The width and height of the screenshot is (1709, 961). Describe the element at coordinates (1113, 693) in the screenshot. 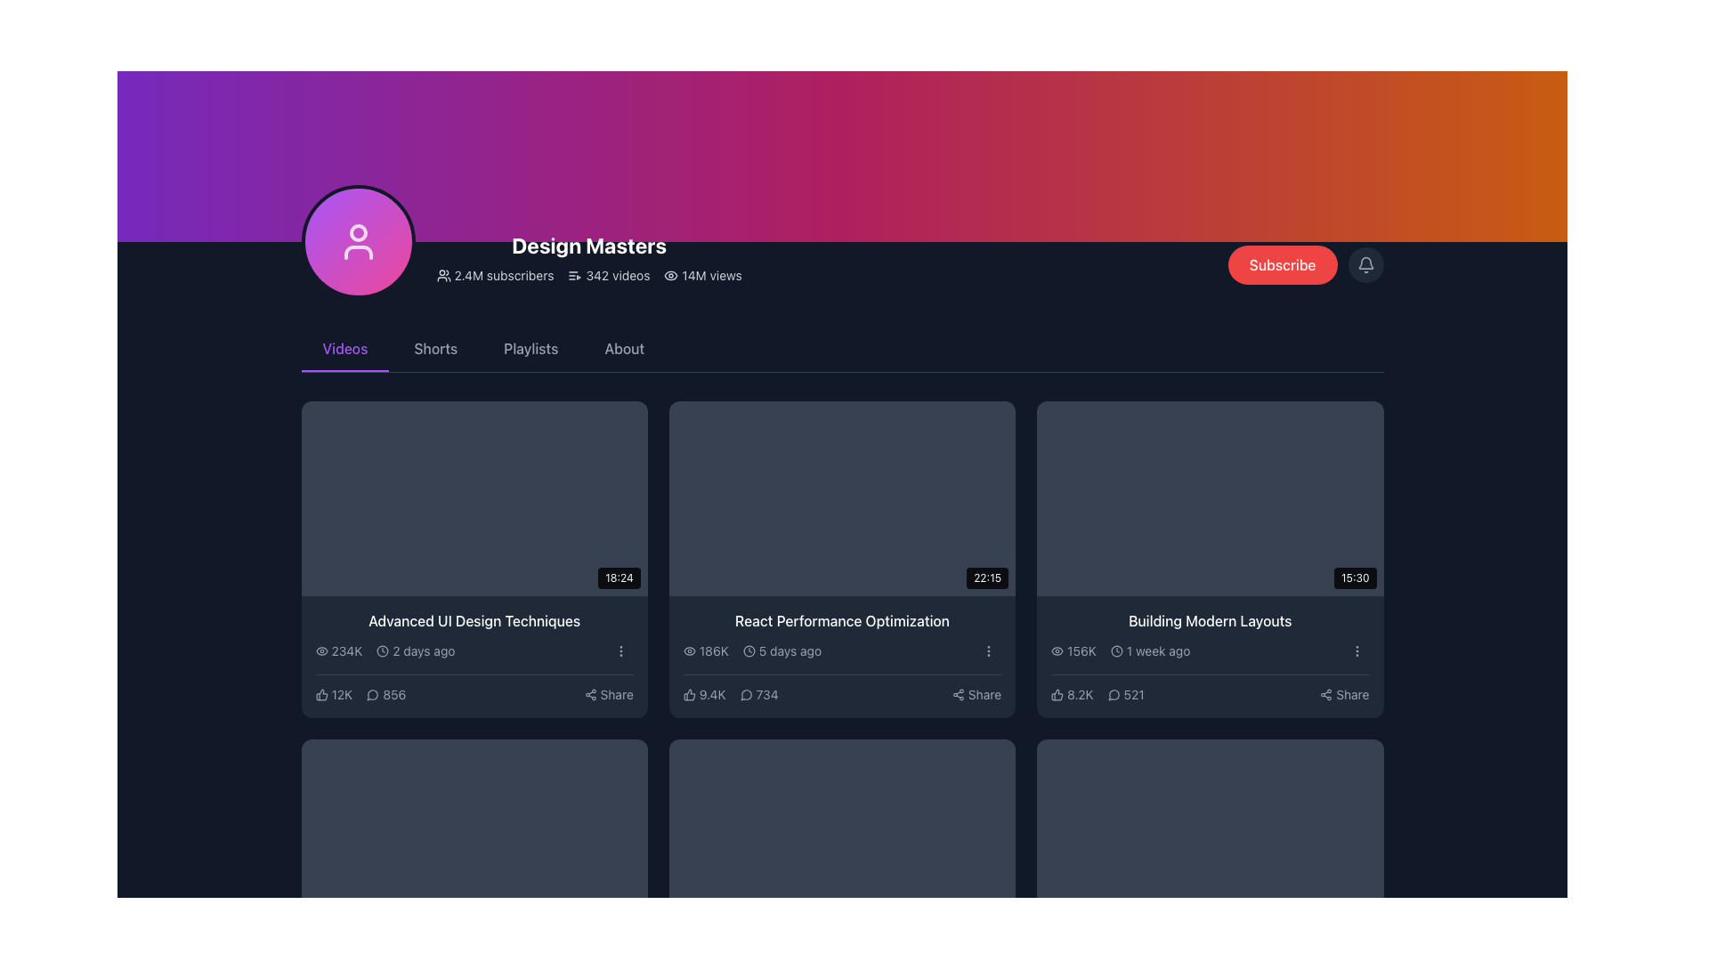

I see `the comment icon next to the number '521' under the video labeled 'Building Modern Layouts', which indicates the number of comments related to the video` at that location.